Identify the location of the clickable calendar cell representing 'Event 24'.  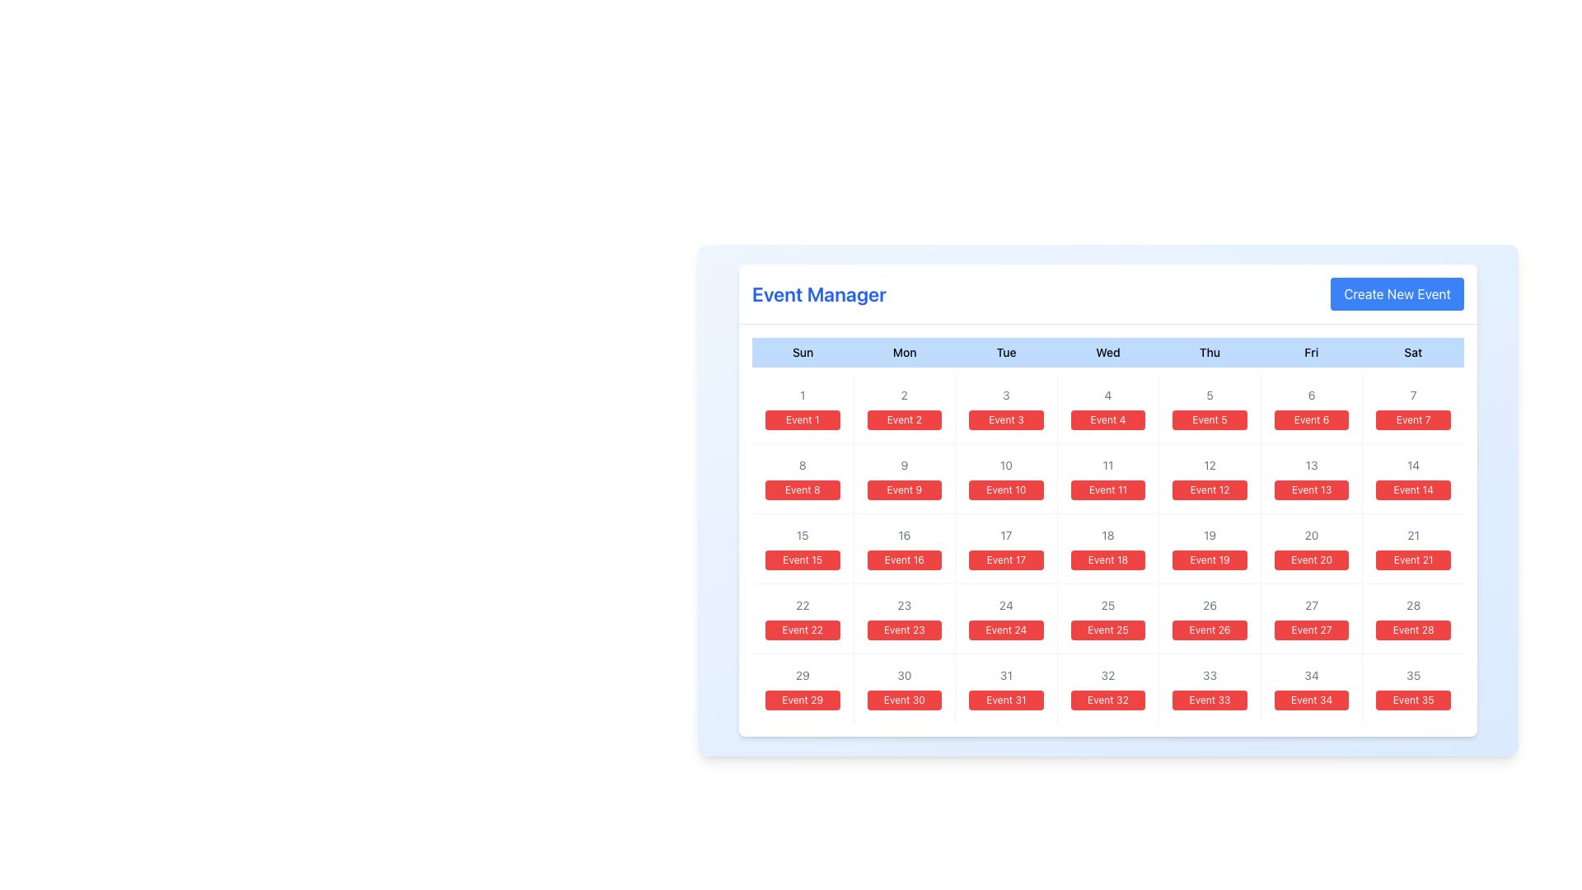
(1005, 619).